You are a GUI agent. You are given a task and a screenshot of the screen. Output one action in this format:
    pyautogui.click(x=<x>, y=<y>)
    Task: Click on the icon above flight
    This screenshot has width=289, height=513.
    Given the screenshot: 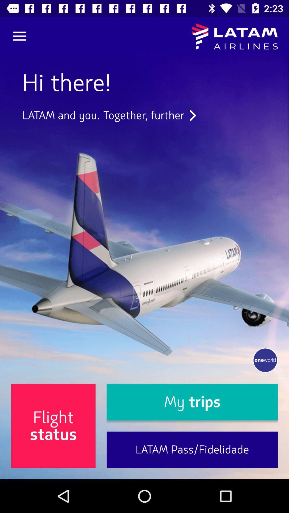 What is the action you would take?
    pyautogui.click(x=109, y=115)
    